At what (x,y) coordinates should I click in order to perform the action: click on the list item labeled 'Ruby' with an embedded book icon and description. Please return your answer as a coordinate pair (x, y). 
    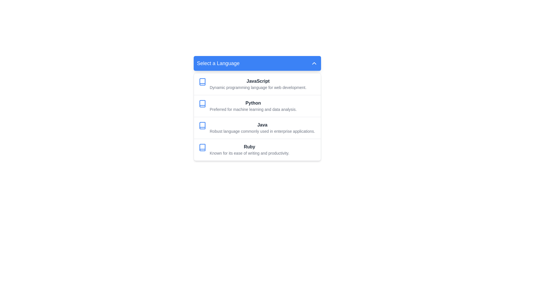
    Looking at the image, I should click on (257, 149).